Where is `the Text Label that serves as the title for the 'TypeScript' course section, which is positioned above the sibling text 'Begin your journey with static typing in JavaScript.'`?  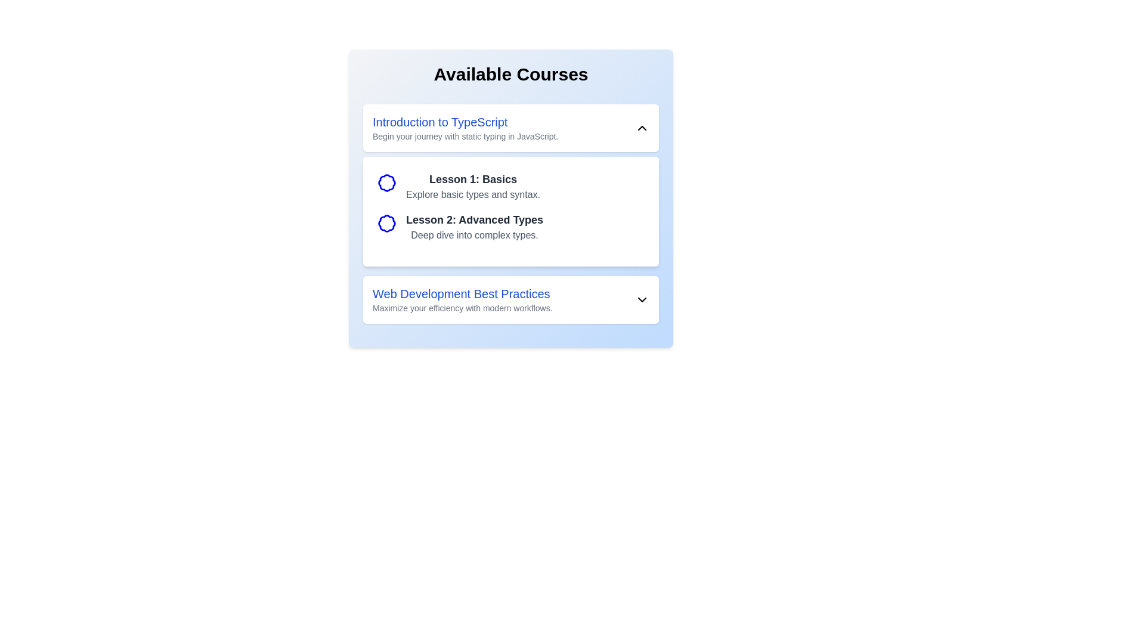 the Text Label that serves as the title for the 'TypeScript' course section, which is positioned above the sibling text 'Begin your journey with static typing in JavaScript.' is located at coordinates (465, 122).